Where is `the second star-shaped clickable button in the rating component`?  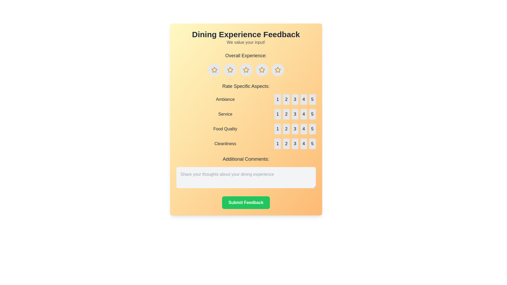
the second star-shaped clickable button in the rating component is located at coordinates (230, 70).